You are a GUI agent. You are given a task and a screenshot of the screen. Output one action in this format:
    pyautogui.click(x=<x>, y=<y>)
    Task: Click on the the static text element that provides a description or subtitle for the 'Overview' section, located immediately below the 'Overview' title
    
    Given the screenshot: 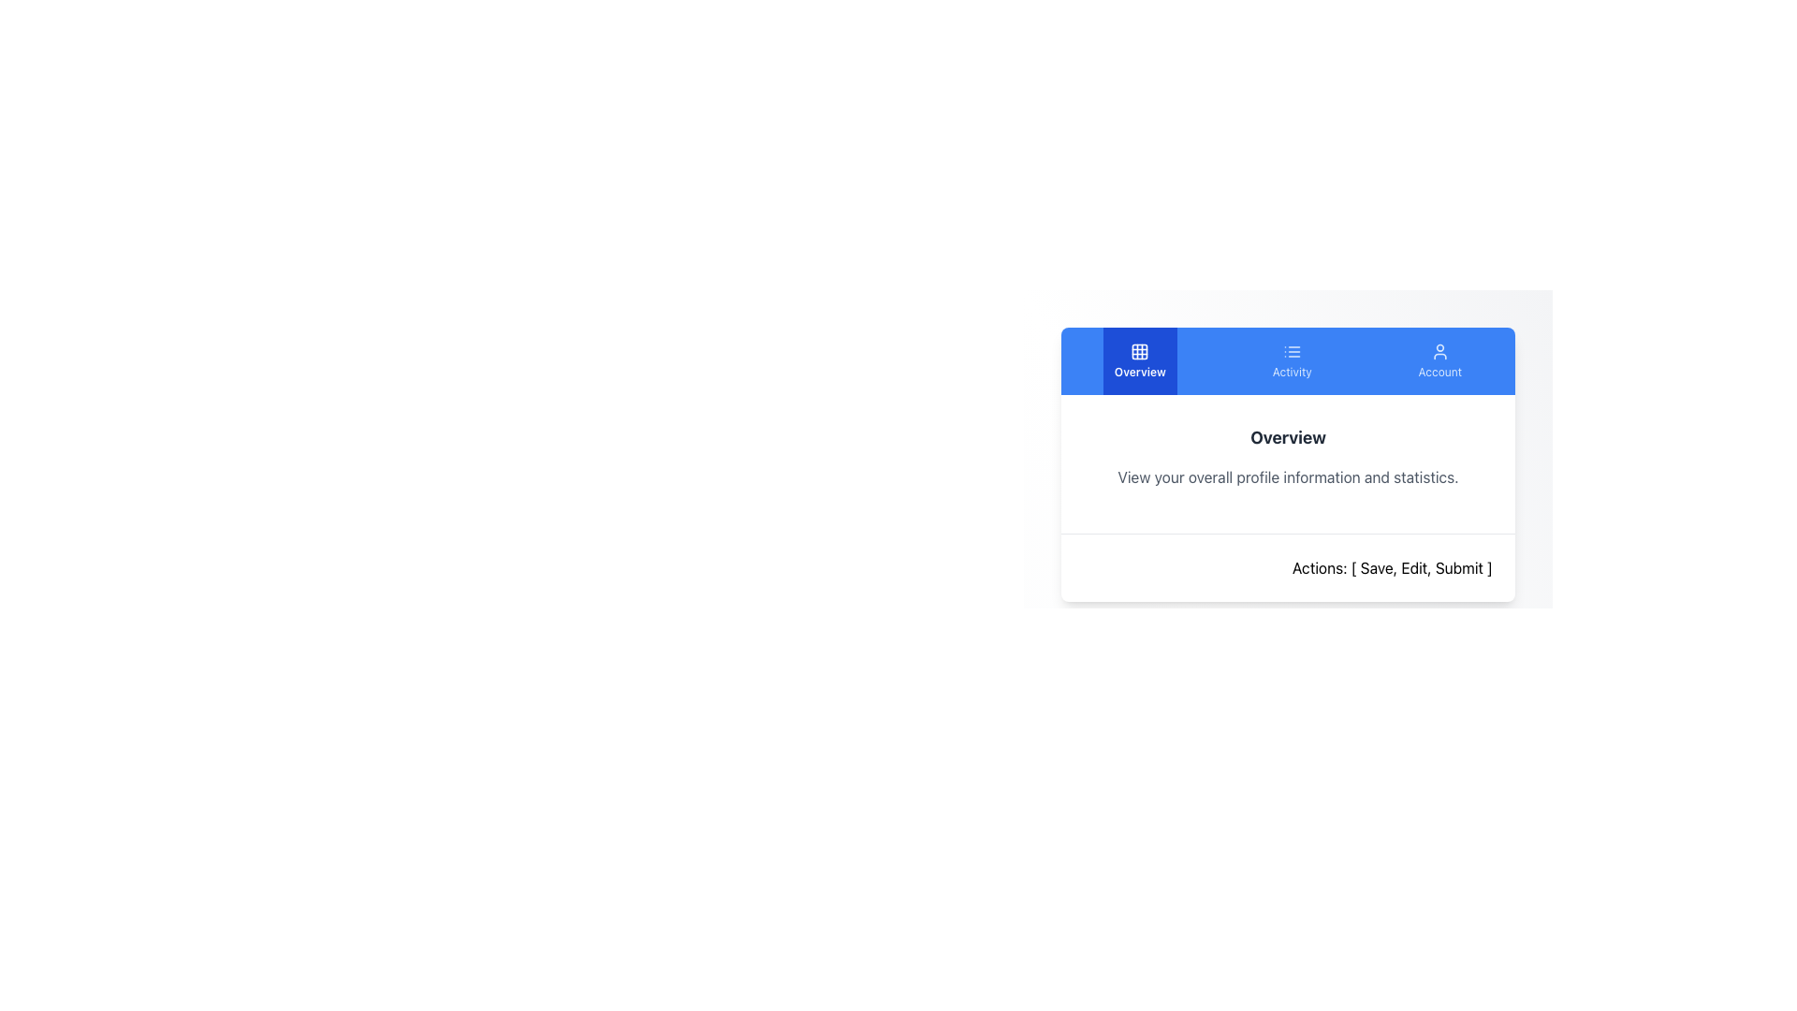 What is the action you would take?
    pyautogui.click(x=1287, y=476)
    